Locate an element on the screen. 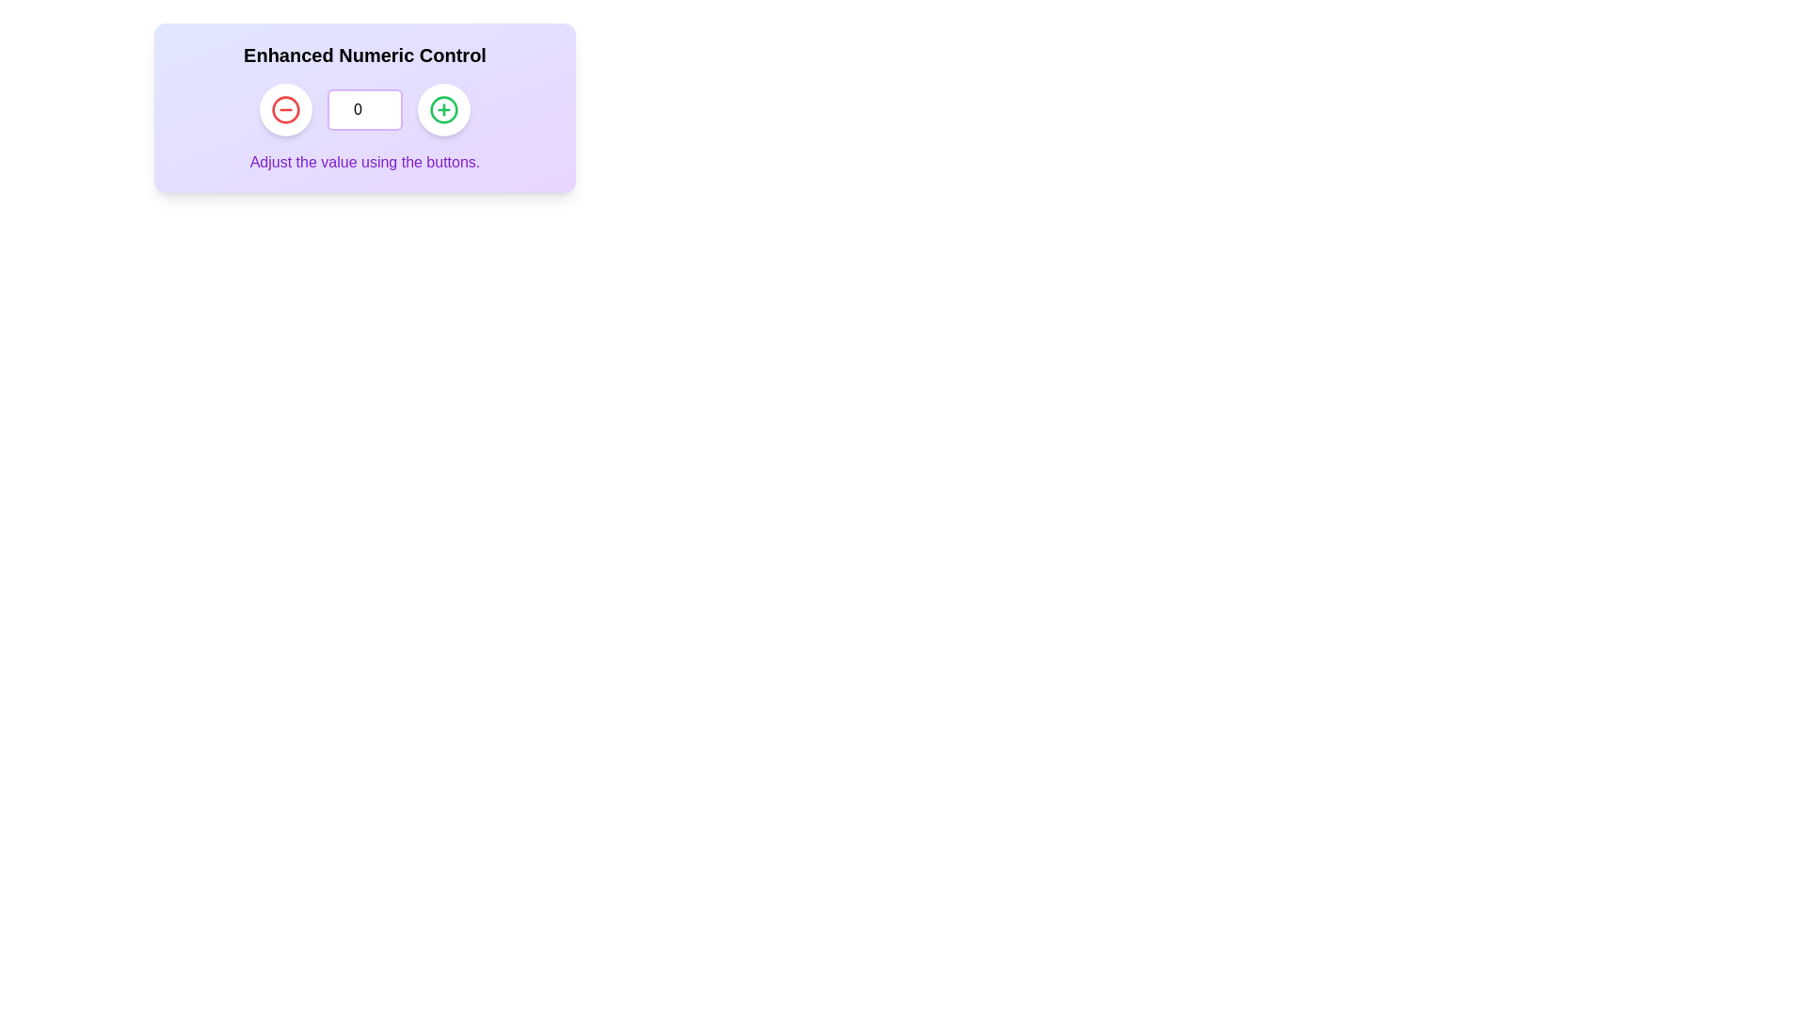 Image resolution: width=1807 pixels, height=1016 pixels. the increment button, which is the third interactive component in the horizontal arrangement for adjusting a numeric value is located at coordinates (442, 109).